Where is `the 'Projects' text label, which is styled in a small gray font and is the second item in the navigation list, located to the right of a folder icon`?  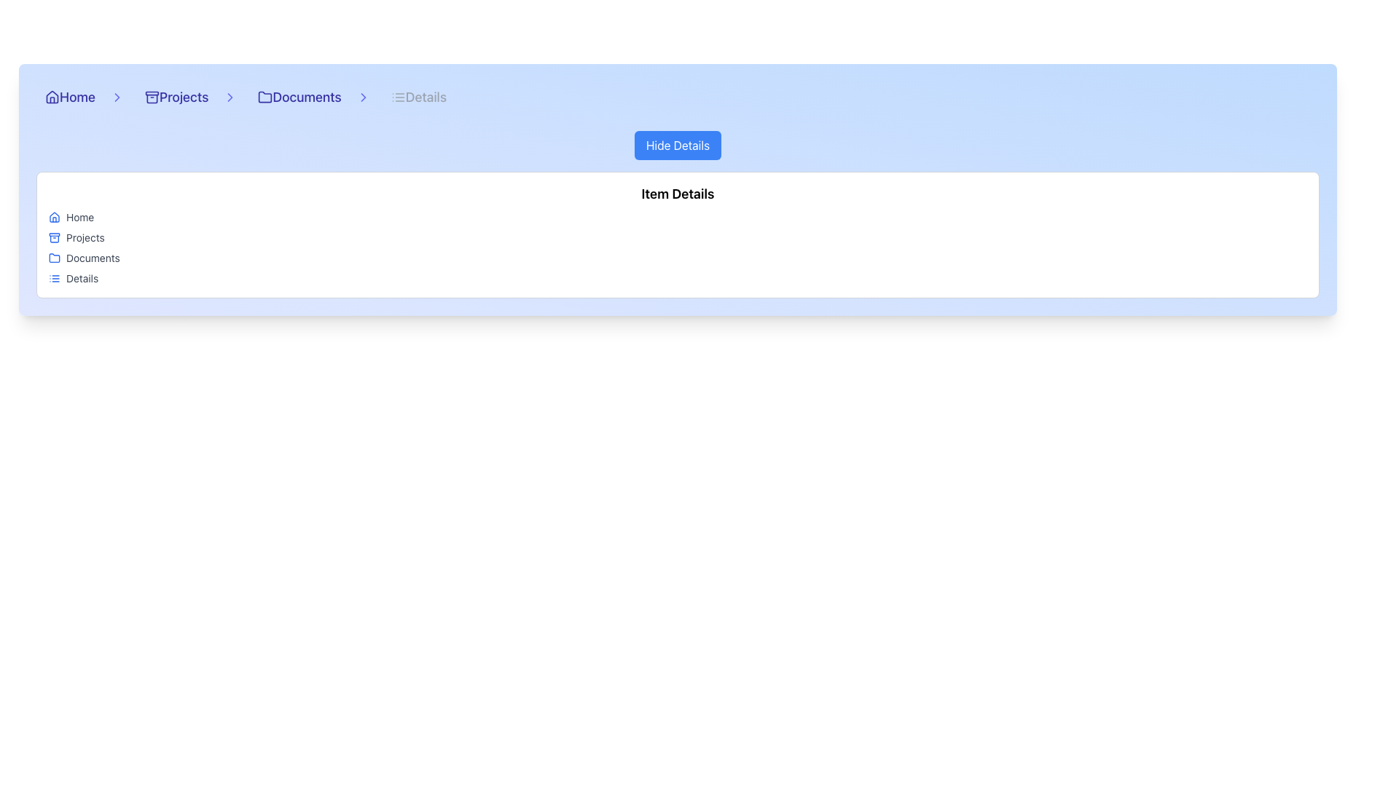 the 'Projects' text label, which is styled in a small gray font and is the second item in the navigation list, located to the right of a folder icon is located at coordinates (85, 237).